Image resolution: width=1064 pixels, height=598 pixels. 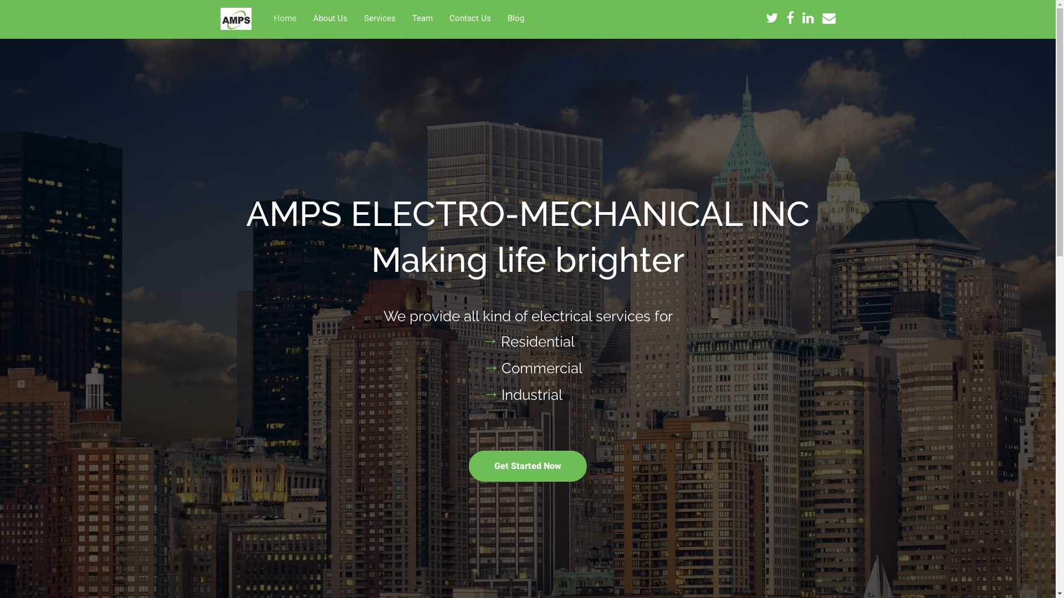 What do you see at coordinates (236, 19) in the screenshot?
I see `'AMPS ELECTRO-MECHANICAL INC'` at bounding box center [236, 19].